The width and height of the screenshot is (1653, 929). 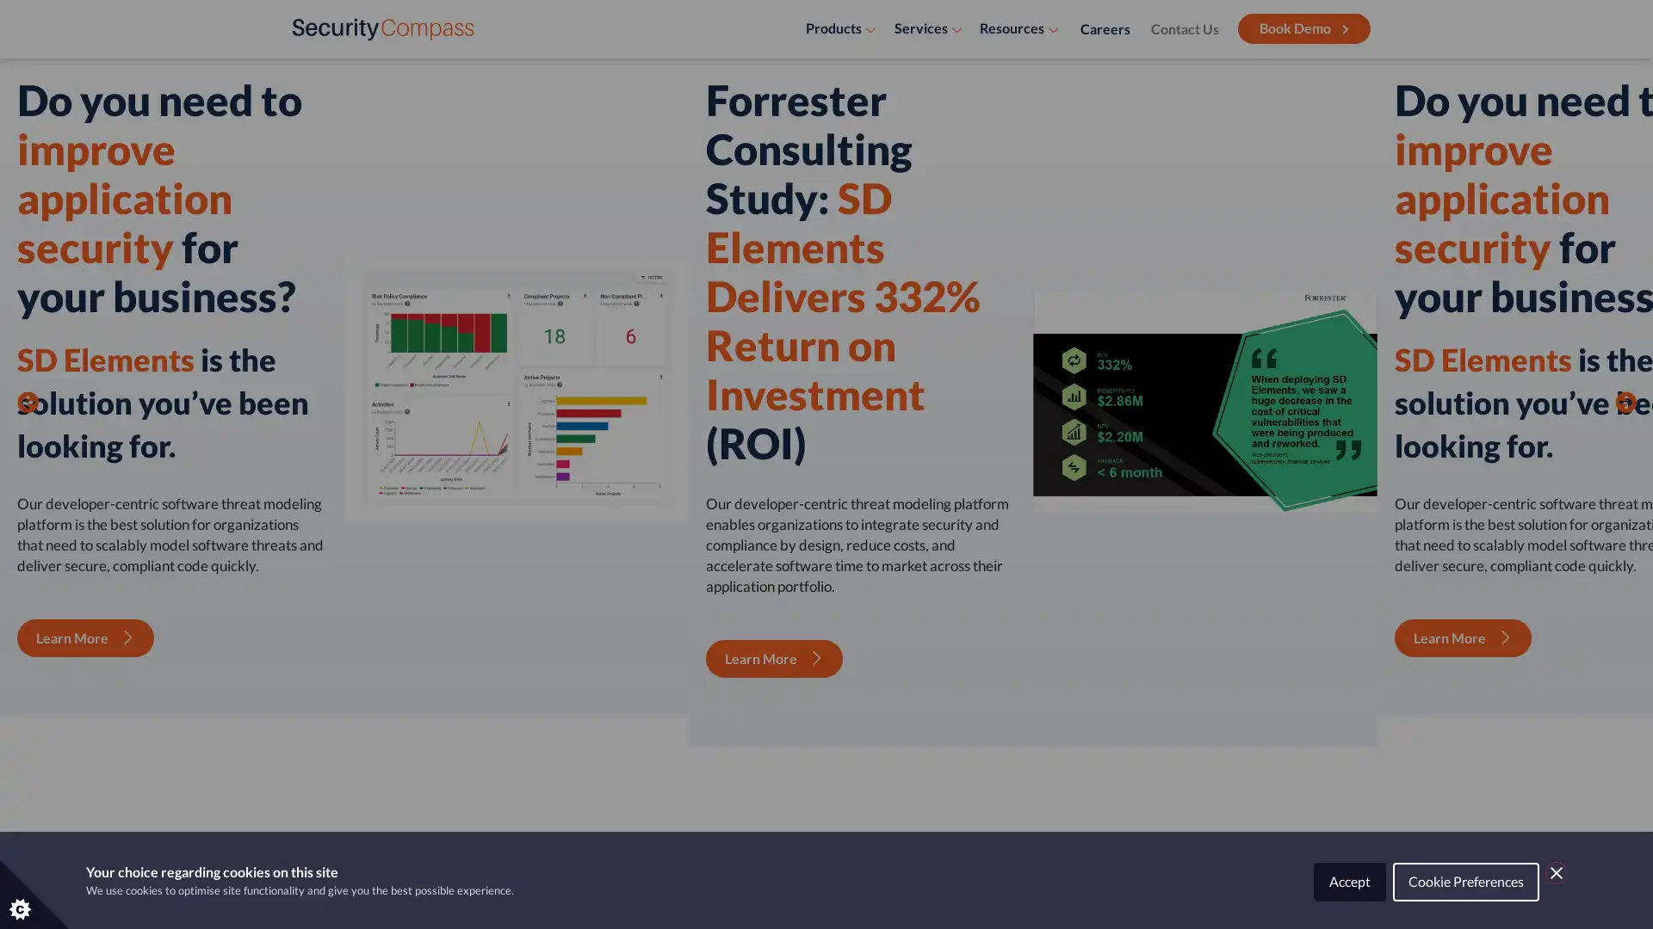 What do you see at coordinates (28, 327) in the screenshot?
I see `Previous` at bounding box center [28, 327].